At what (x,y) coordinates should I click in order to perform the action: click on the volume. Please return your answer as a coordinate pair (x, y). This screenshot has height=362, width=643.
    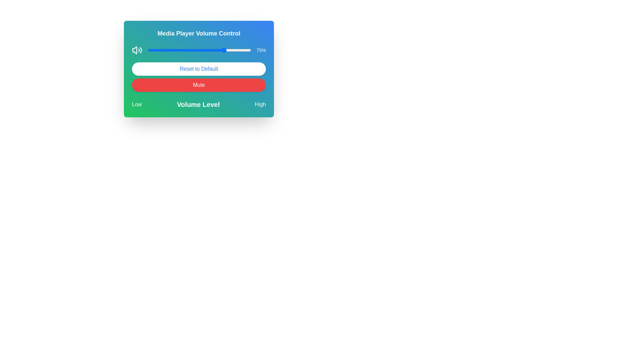
    Looking at the image, I should click on (219, 50).